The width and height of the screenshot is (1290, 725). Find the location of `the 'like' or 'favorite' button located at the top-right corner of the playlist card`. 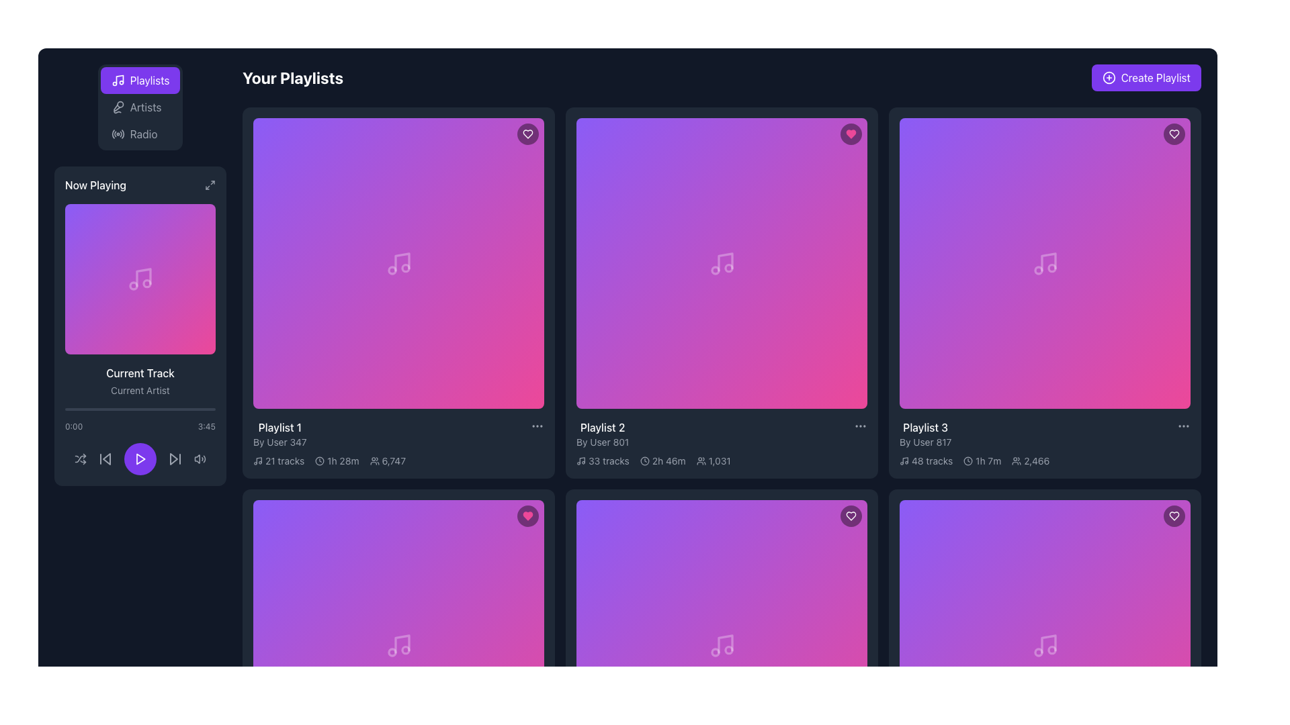

the 'like' or 'favorite' button located at the top-right corner of the playlist card is located at coordinates (1173, 515).